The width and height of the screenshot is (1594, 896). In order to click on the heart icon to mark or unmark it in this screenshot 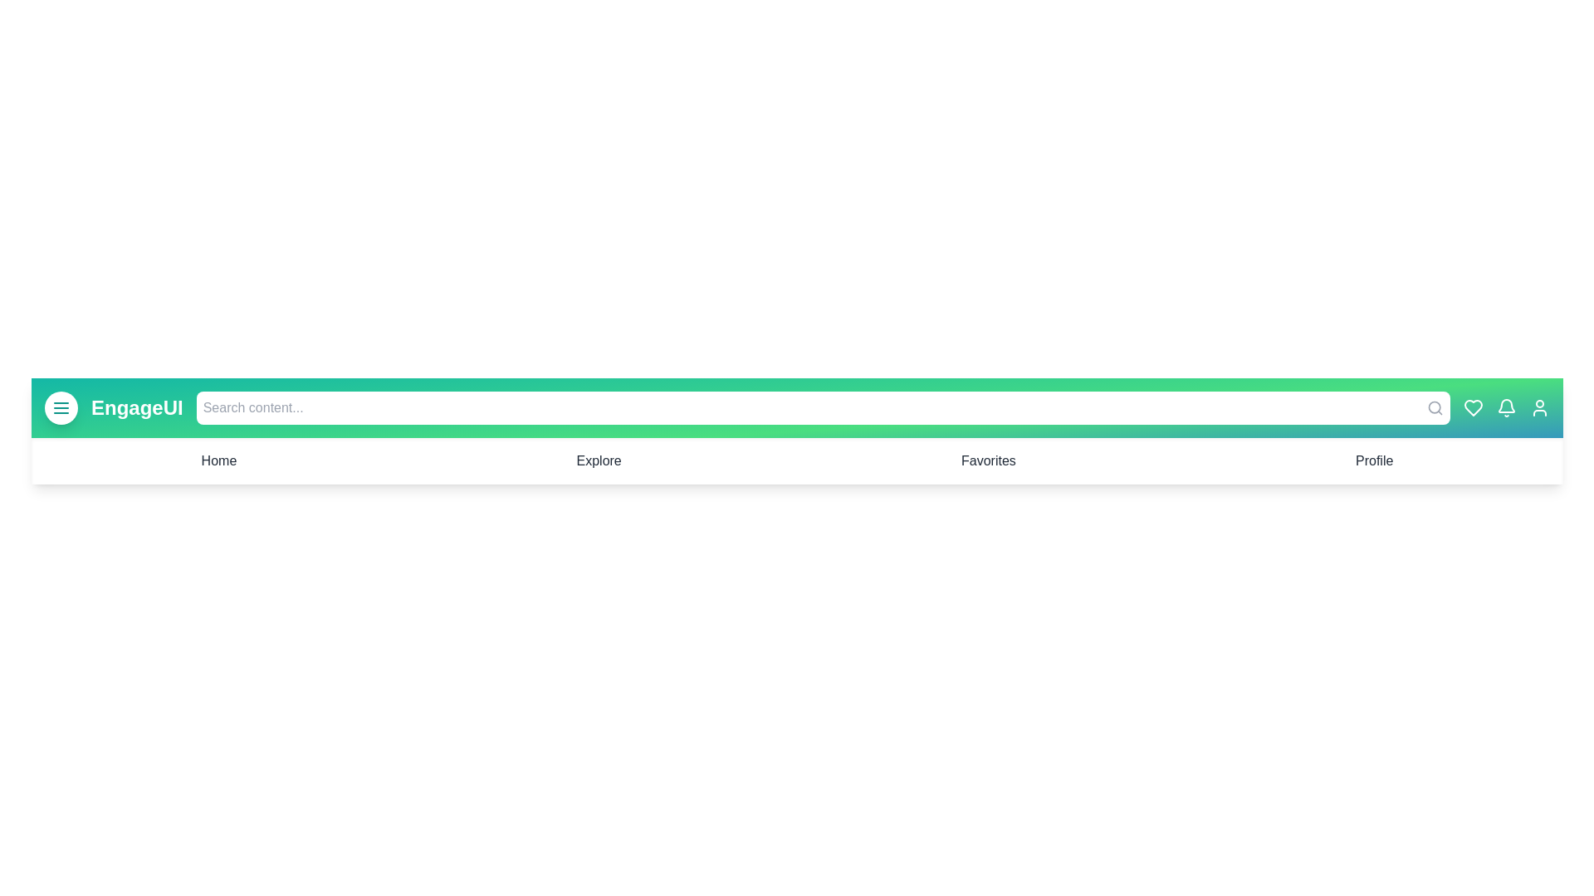, I will do `click(1474, 408)`.